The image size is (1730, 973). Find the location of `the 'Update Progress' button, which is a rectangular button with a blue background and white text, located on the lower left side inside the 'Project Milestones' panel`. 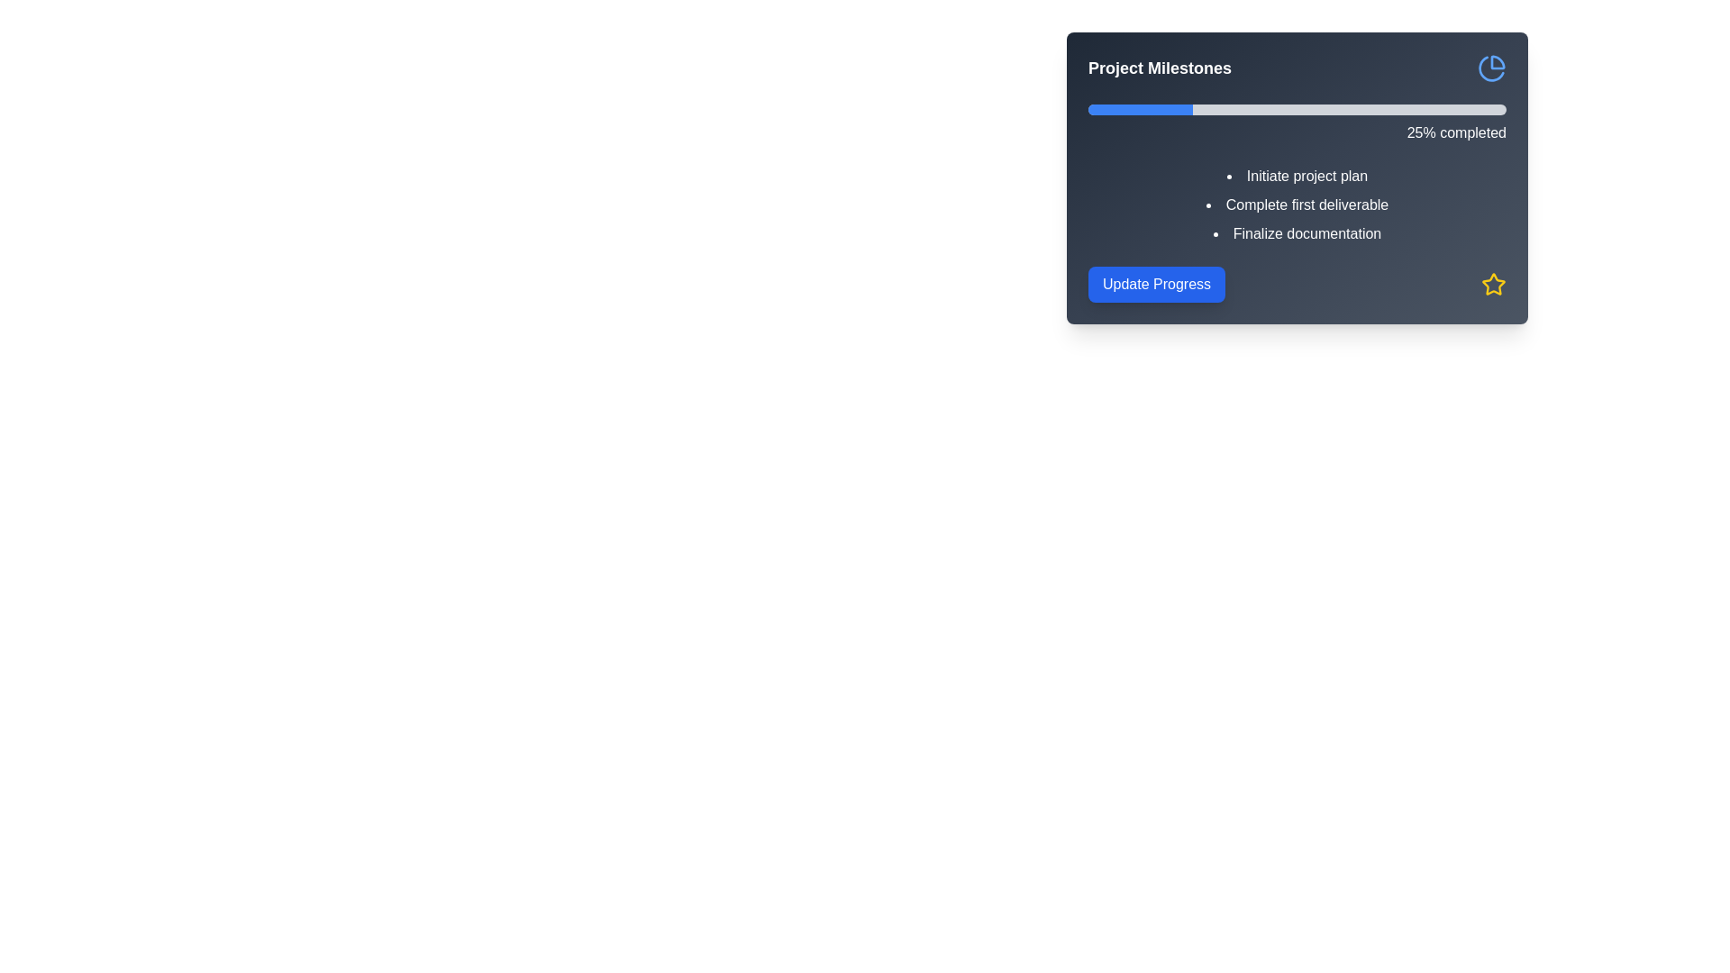

the 'Update Progress' button, which is a rectangular button with a blue background and white text, located on the lower left side inside the 'Project Milestones' panel is located at coordinates (1157, 284).